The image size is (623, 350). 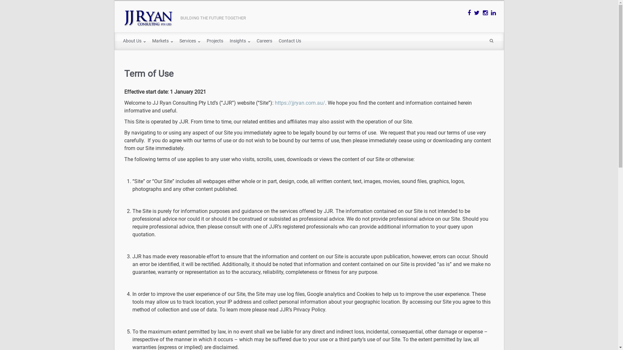 I want to click on 'Contact Us', so click(x=275, y=41).